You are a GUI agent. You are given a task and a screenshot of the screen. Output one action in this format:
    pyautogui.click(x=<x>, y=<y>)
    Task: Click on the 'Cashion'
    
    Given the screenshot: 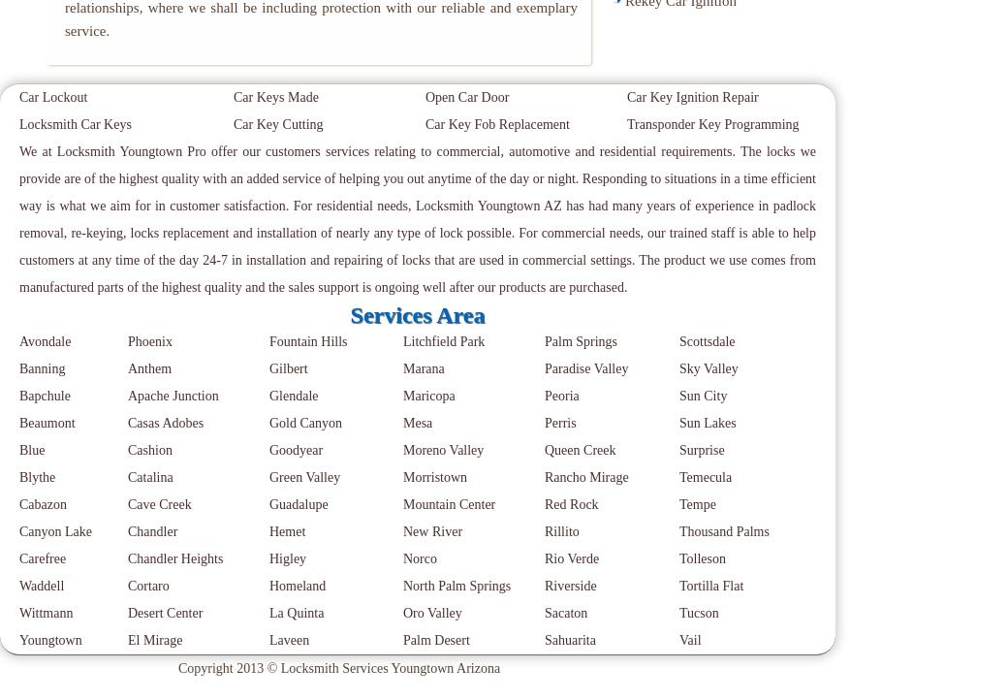 What is the action you would take?
    pyautogui.click(x=149, y=449)
    